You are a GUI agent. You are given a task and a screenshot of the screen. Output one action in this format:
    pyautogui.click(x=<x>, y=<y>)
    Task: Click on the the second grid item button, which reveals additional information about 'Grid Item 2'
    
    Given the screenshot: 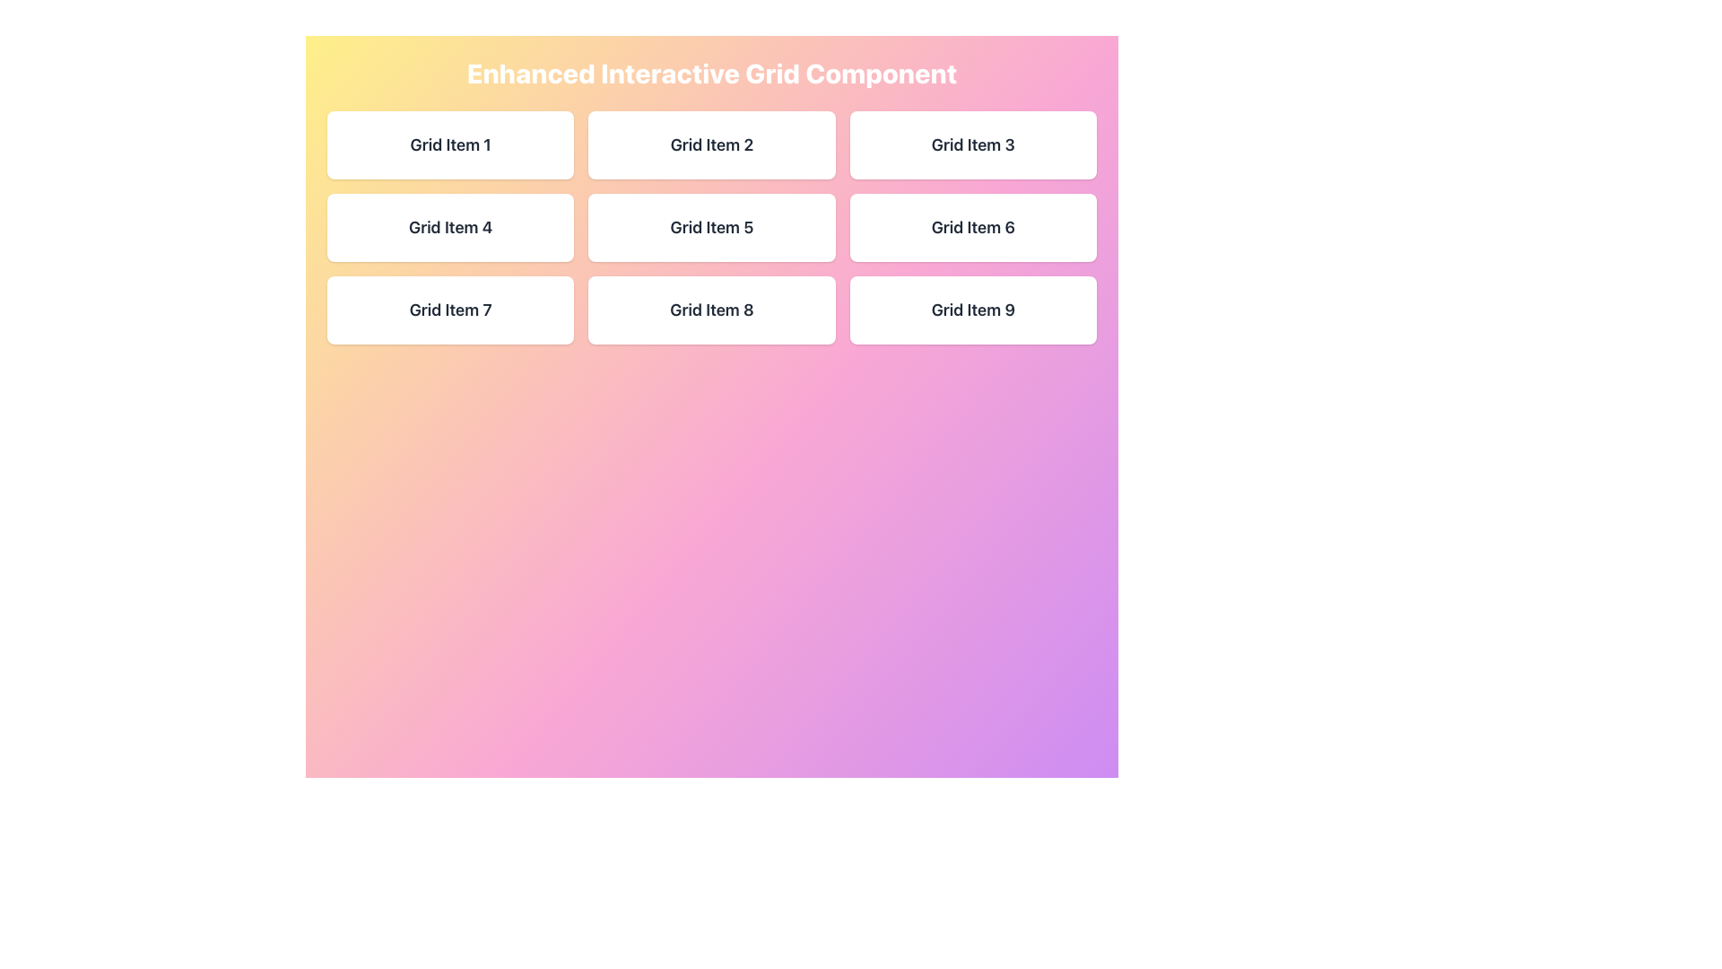 What is the action you would take?
    pyautogui.click(x=710, y=144)
    